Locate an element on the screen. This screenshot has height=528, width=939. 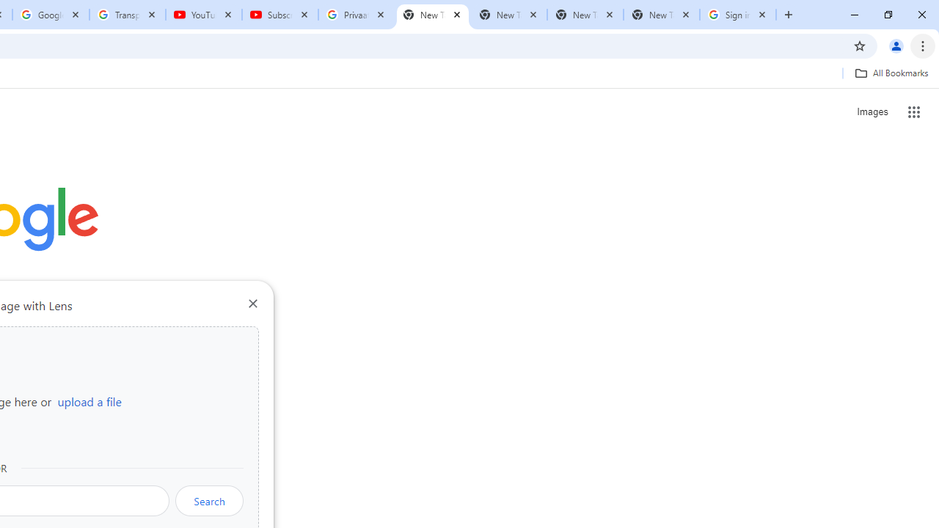
'upload a file' is located at coordinates (89, 401).